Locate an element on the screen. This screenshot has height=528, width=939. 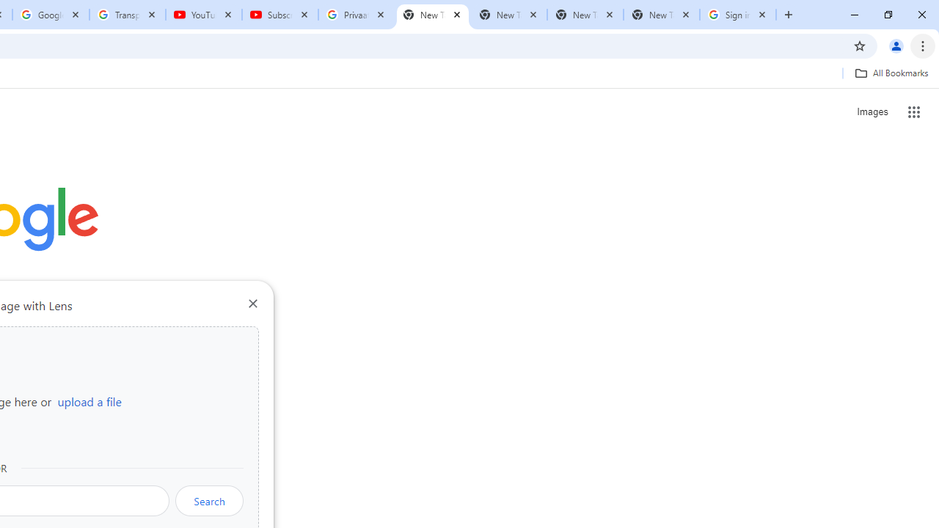
'upload a file' is located at coordinates (89, 401).